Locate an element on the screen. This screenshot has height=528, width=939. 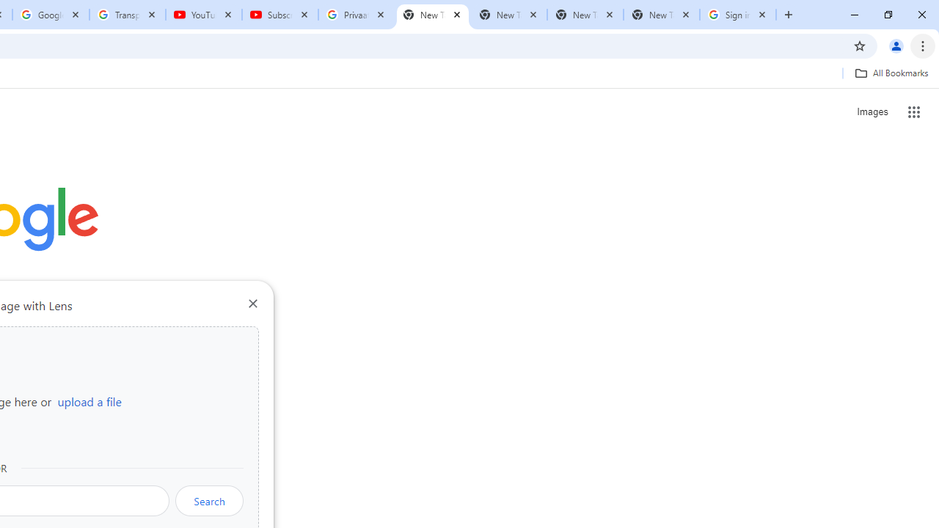
'upload a file' is located at coordinates (89, 401).